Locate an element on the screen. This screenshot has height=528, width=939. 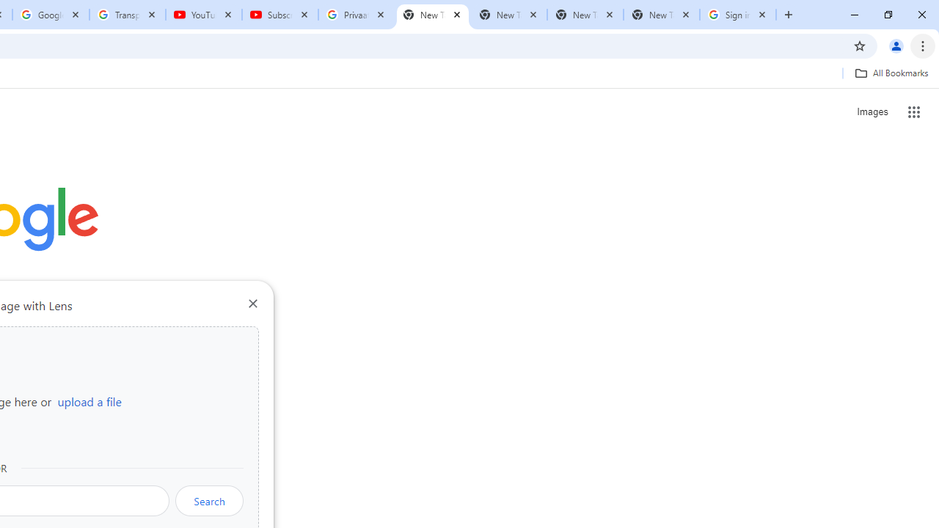
'upload a file' is located at coordinates (89, 401).